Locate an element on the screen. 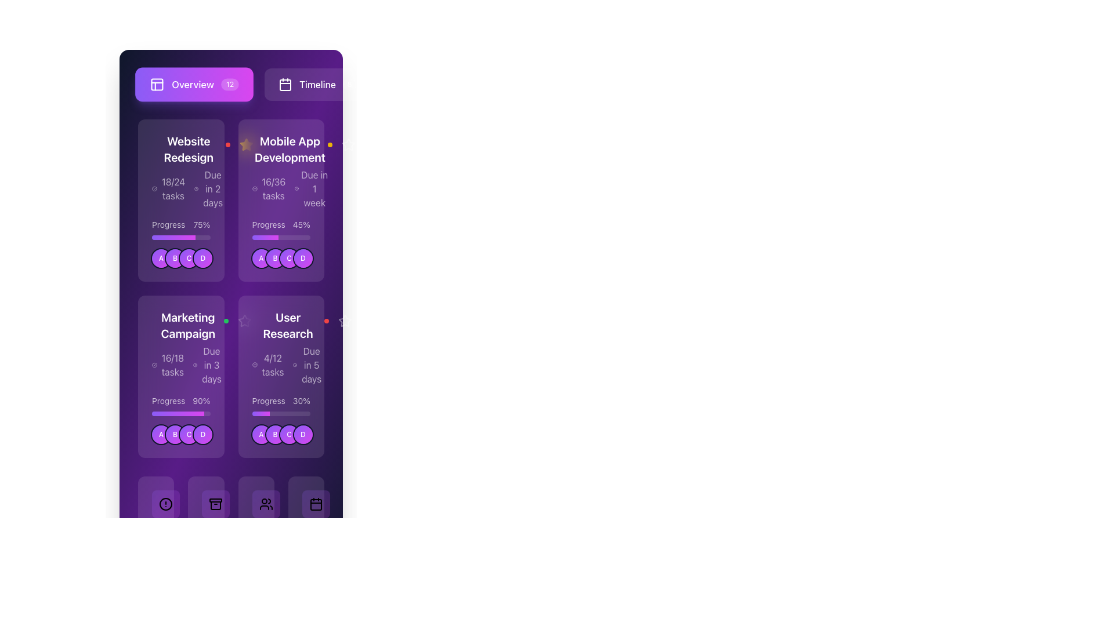 The image size is (1114, 626). the progress bar displaying 'Progress 75%' within the 'Website Redesign' card to check its completion status is located at coordinates (180, 230).